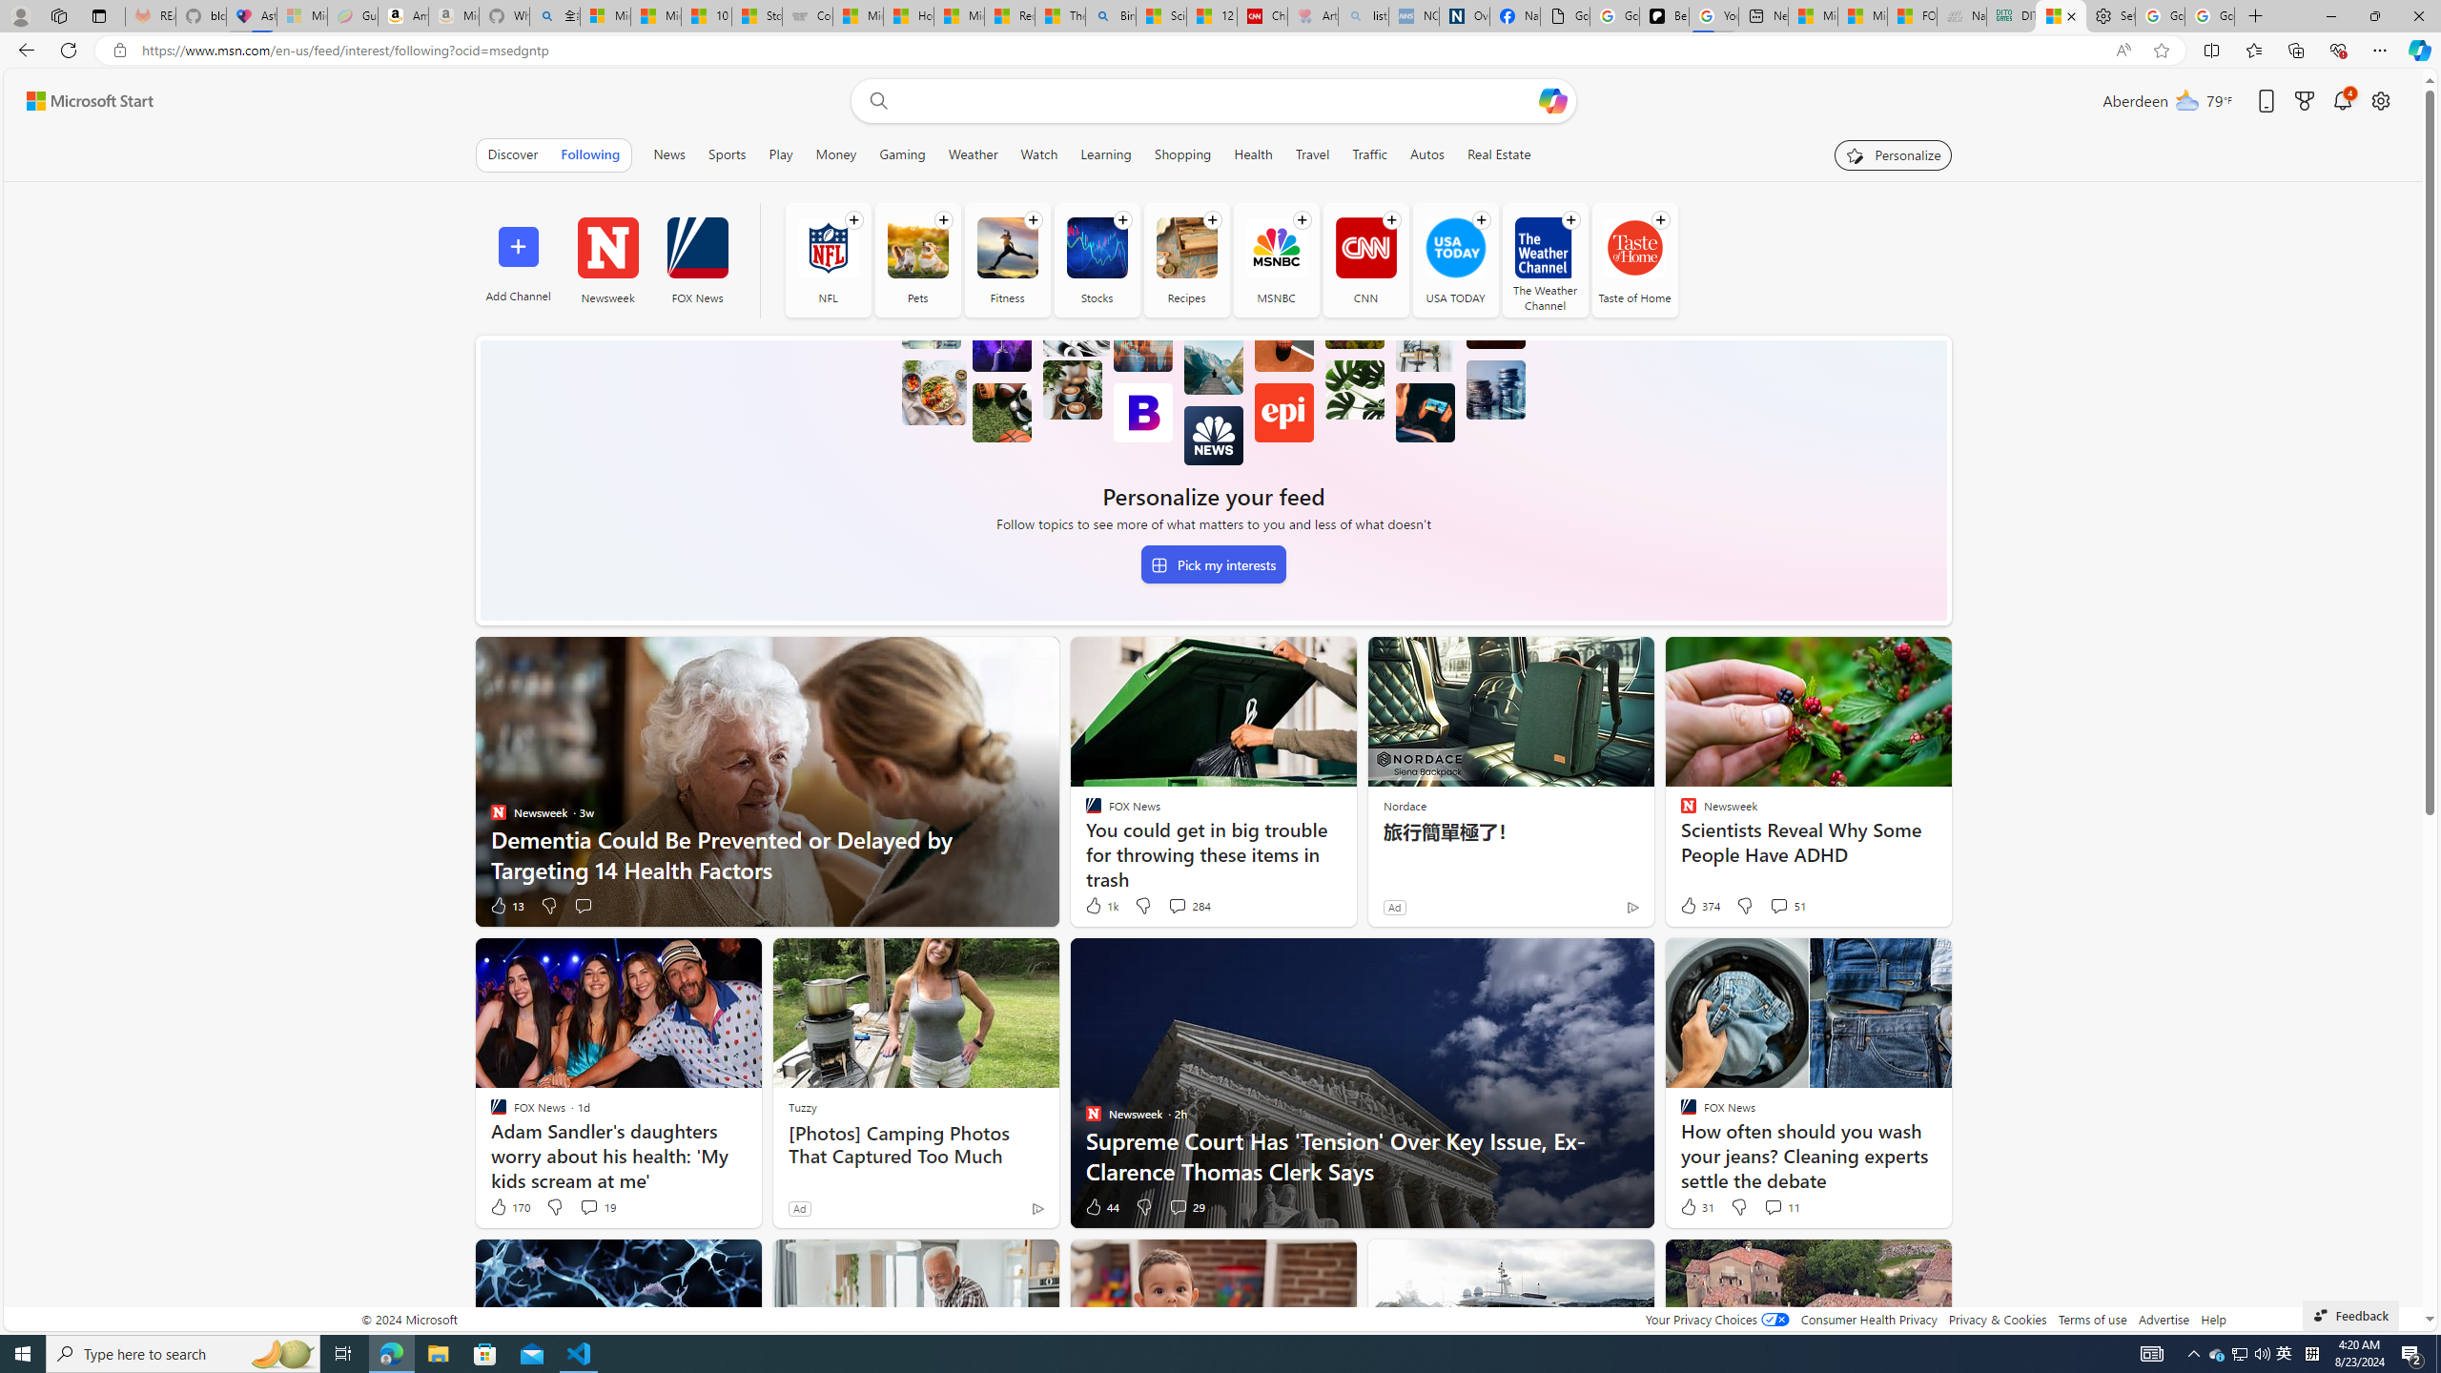 The height and width of the screenshot is (1373, 2441). Describe the element at coordinates (1772, 1205) in the screenshot. I see `'View comments 11 Comment'` at that location.